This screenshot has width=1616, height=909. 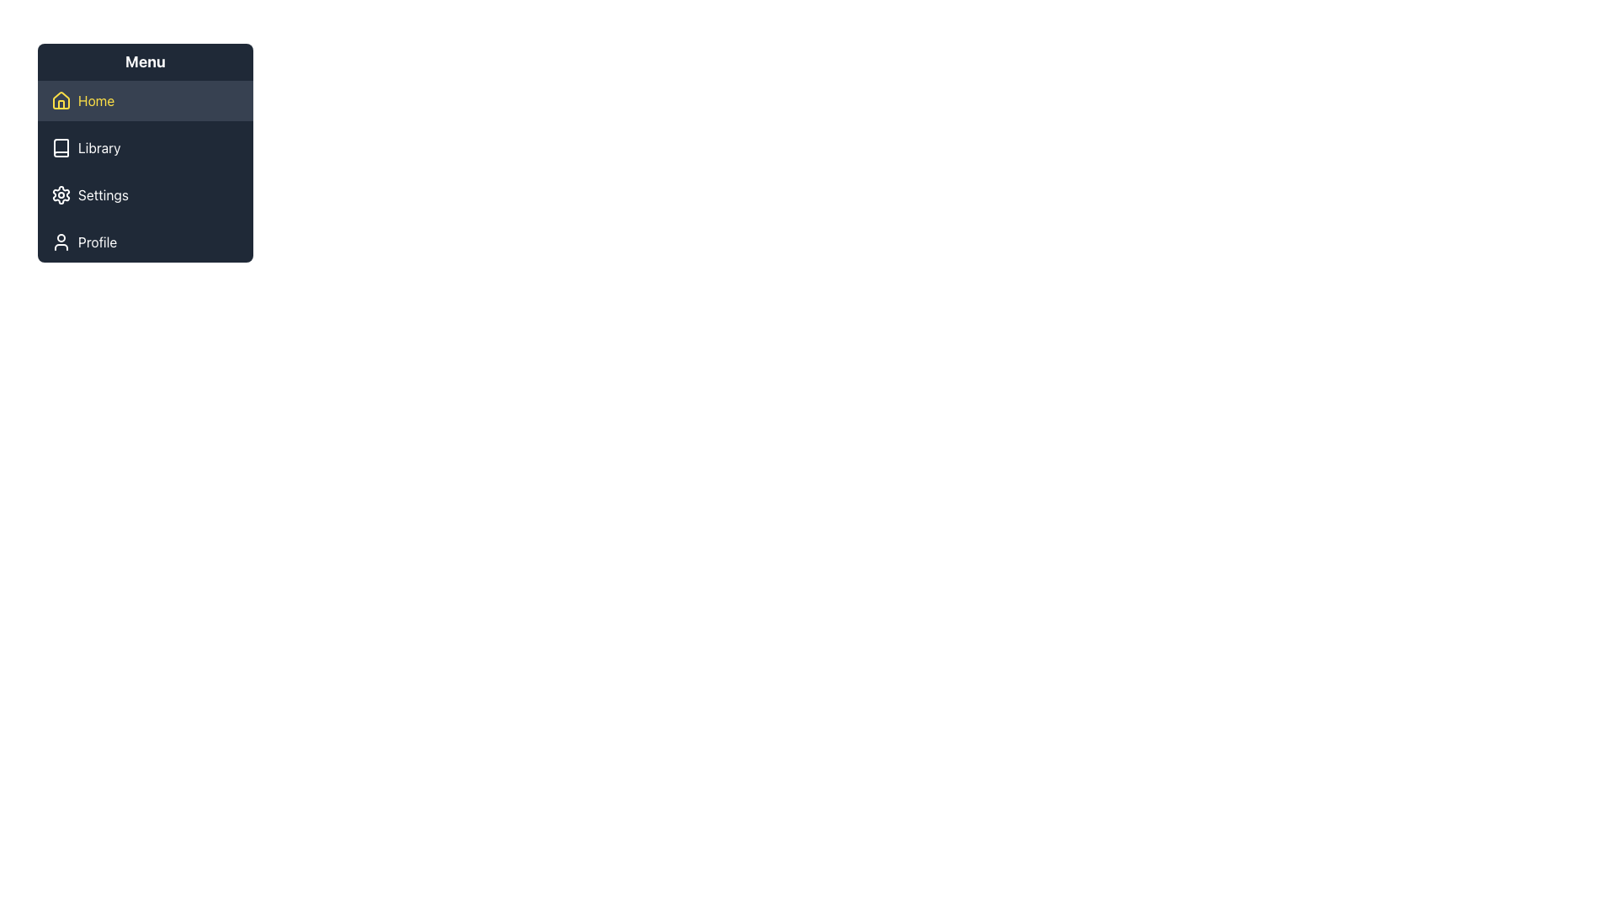 I want to click on the Text Label that serves as the title for the navigation menu, located at the top of the vertically stacked side navigation menu, so click(x=145, y=61).